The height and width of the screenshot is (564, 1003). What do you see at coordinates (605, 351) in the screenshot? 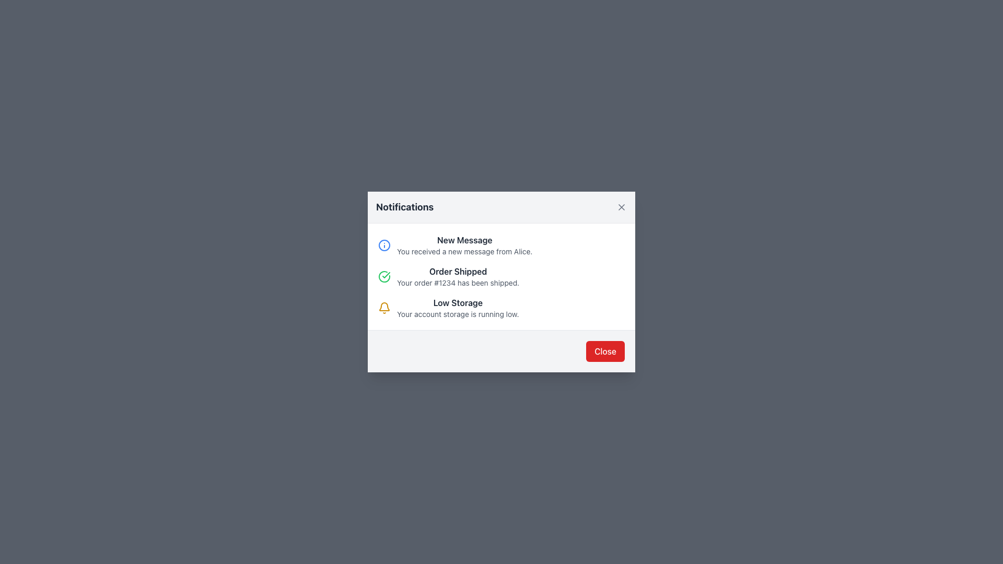
I see `the 'Close' button with a red background and white text in the bottom-right corner of the notification modal` at bounding box center [605, 351].